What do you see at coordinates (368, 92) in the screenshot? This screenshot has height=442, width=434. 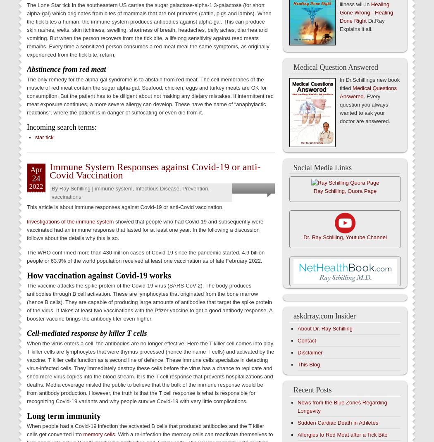 I see `'Medical Questions Answered'` at bounding box center [368, 92].